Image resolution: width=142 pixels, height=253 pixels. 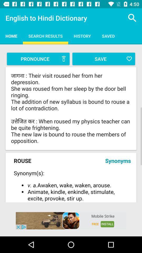 What do you see at coordinates (108, 36) in the screenshot?
I see `the text next to history` at bounding box center [108, 36].